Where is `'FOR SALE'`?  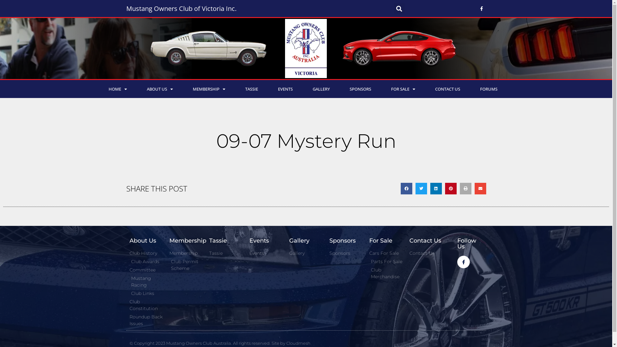 'FOR SALE' is located at coordinates (403, 89).